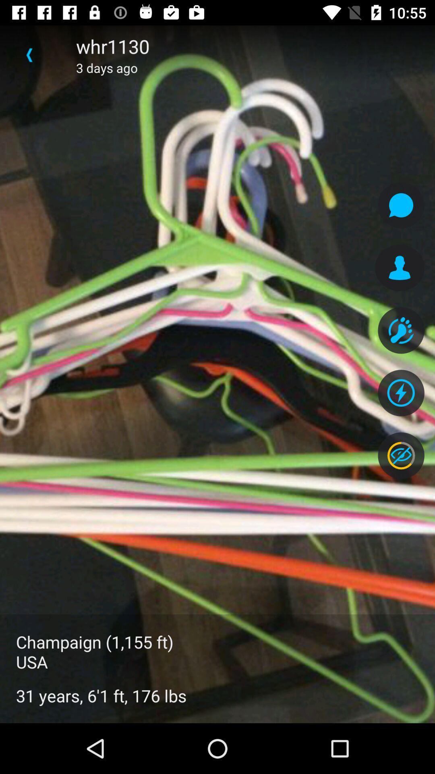 The image size is (435, 774). Describe the element at coordinates (29, 54) in the screenshot. I see `item above champaign 1 155` at that location.